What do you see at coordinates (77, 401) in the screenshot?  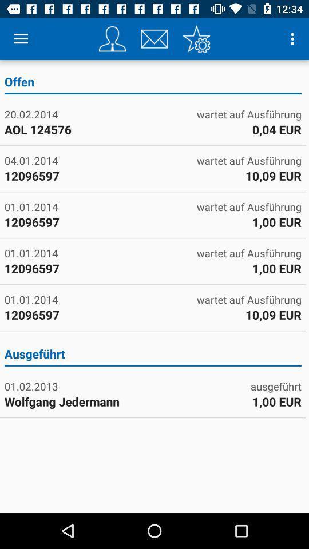 I see `icon below the 01.02.2013 item` at bounding box center [77, 401].